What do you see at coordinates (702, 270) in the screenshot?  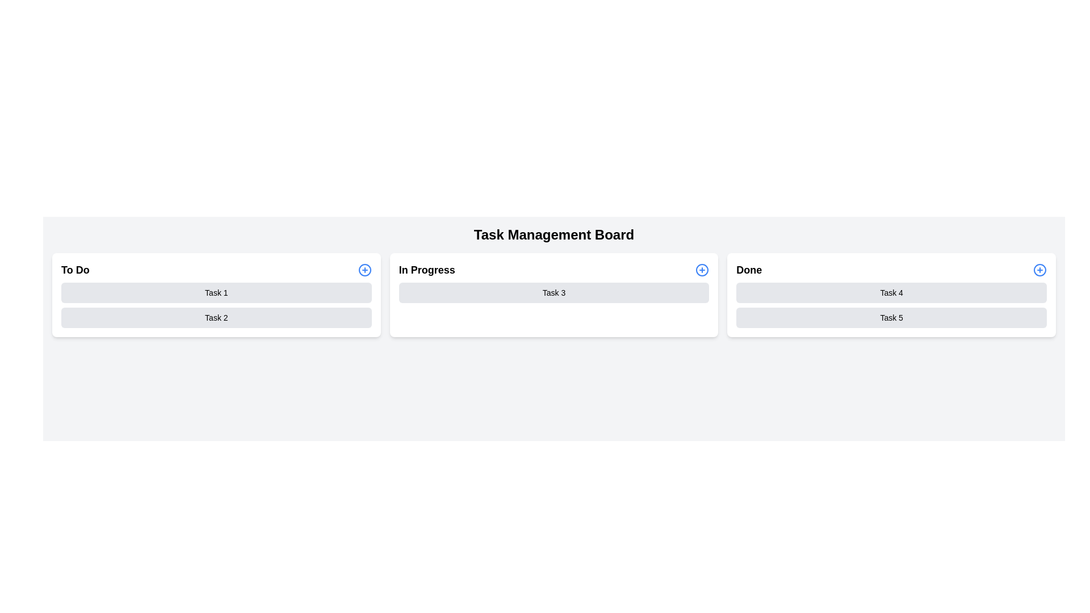 I see `the interactive button located in the top-right corner of the 'In Progress' column header` at bounding box center [702, 270].